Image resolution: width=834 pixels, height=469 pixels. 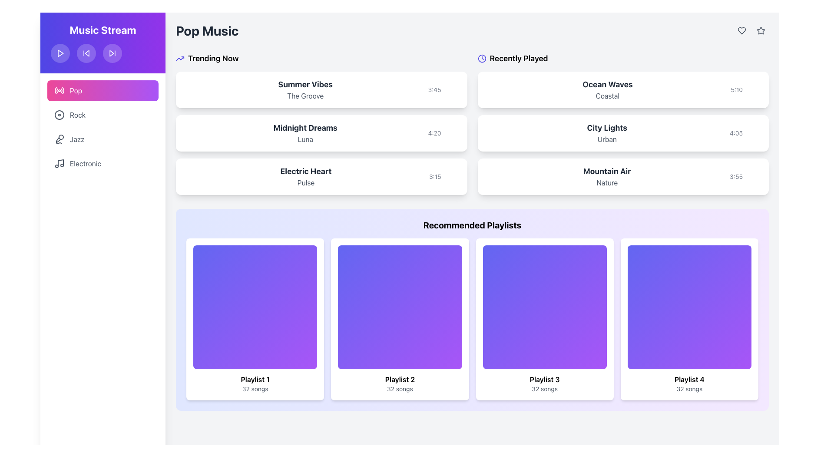 What do you see at coordinates (735, 176) in the screenshot?
I see `text label displaying the time '3:55' in gray font, located in the bottom row of the 'Recently Played' list to the far right of the 'Mountain Air' track` at bounding box center [735, 176].